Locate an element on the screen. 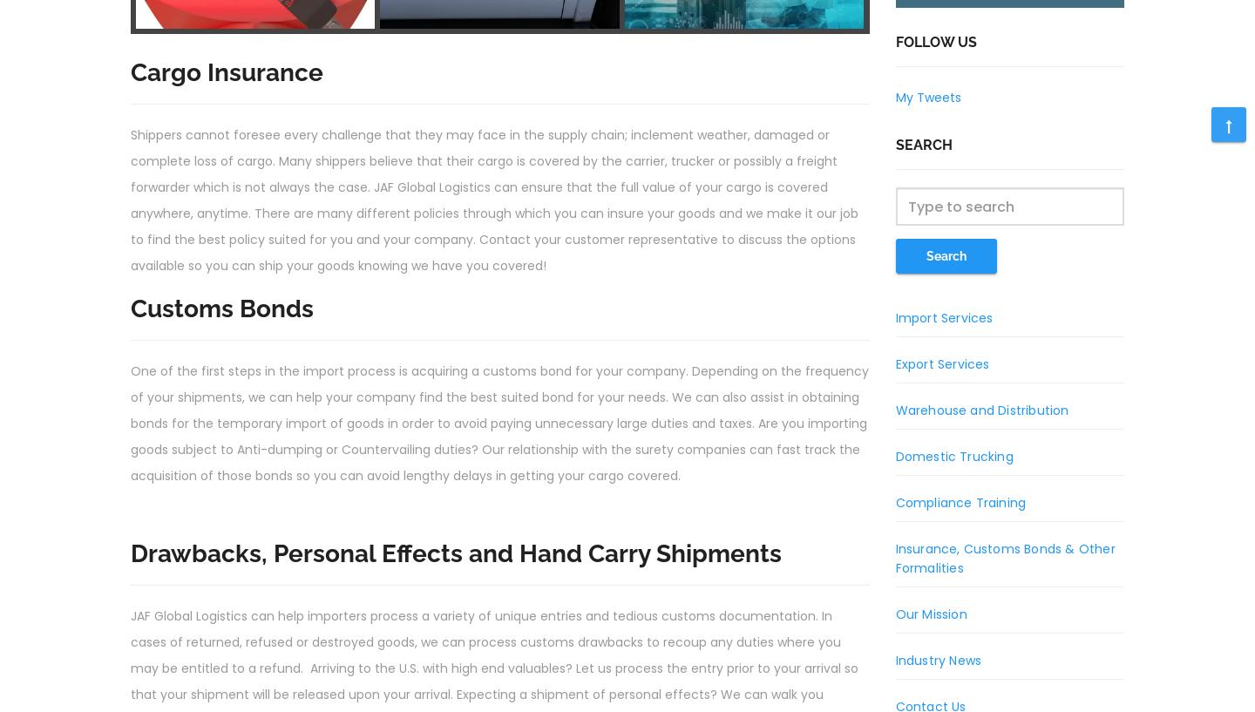 Image resolution: width=1255 pixels, height=712 pixels. 'Insurance, Customs Bonds & Other Formalities' is located at coordinates (895, 559).